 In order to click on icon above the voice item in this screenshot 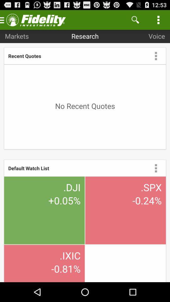, I will do `click(135, 20)`.